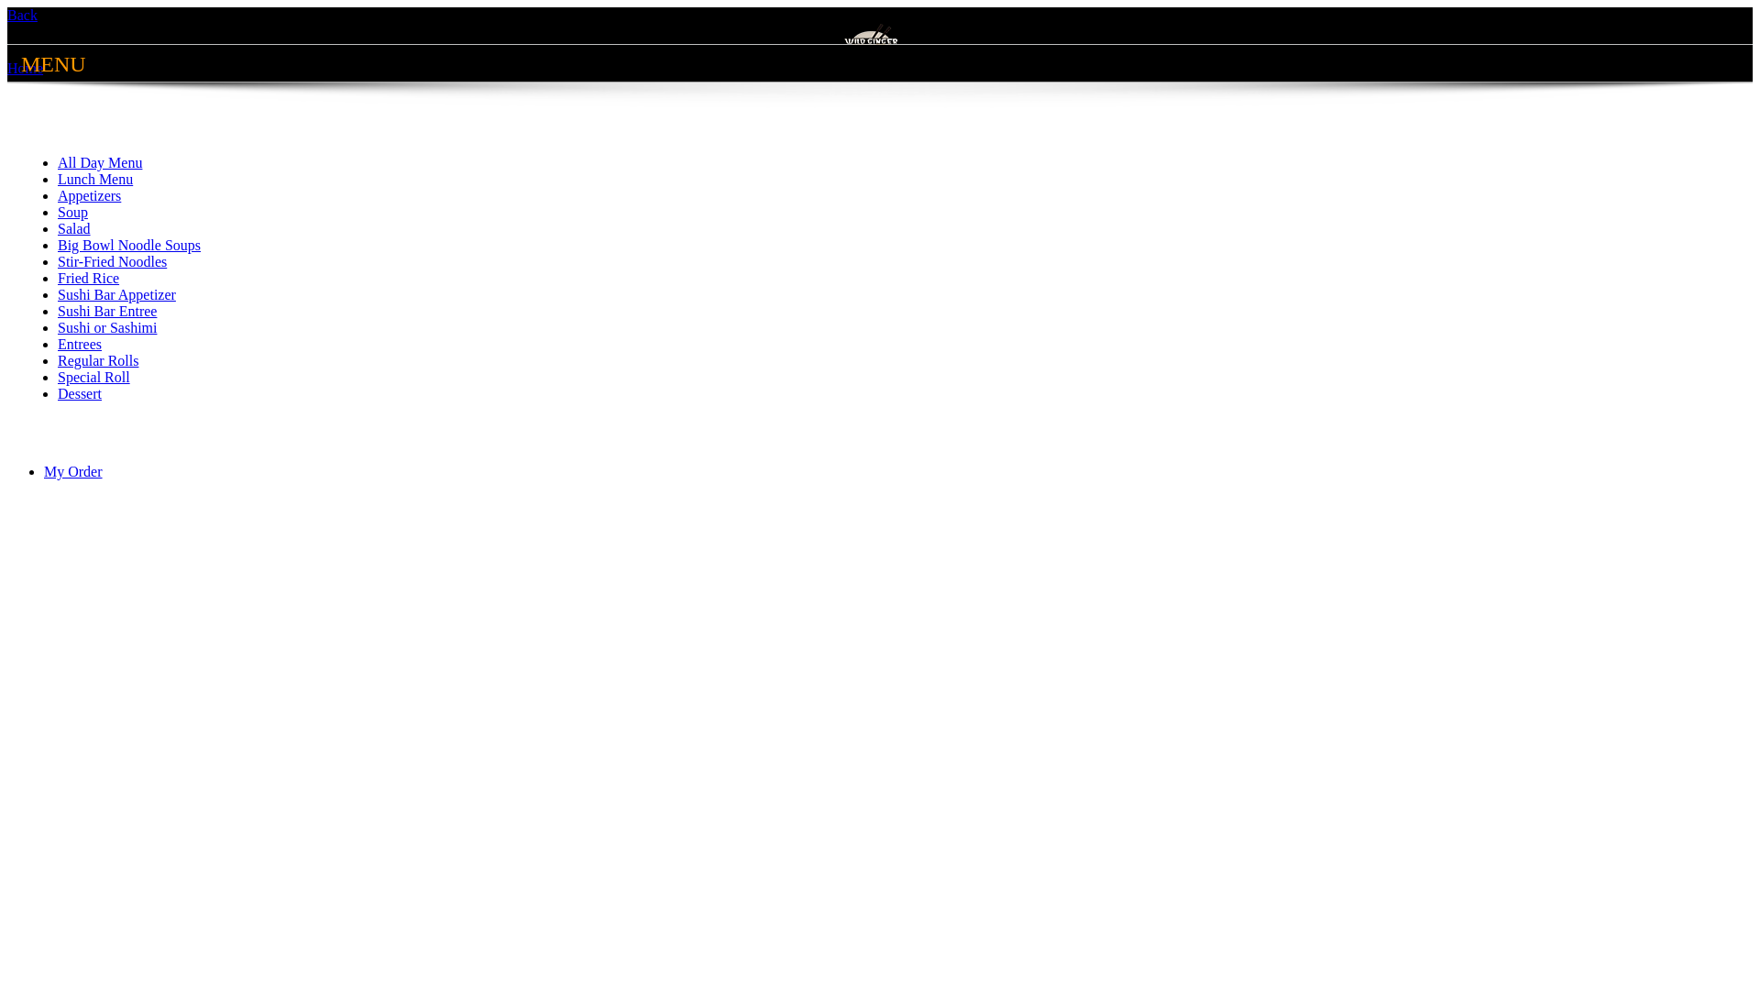  What do you see at coordinates (93, 376) in the screenshot?
I see `'Special Roll'` at bounding box center [93, 376].